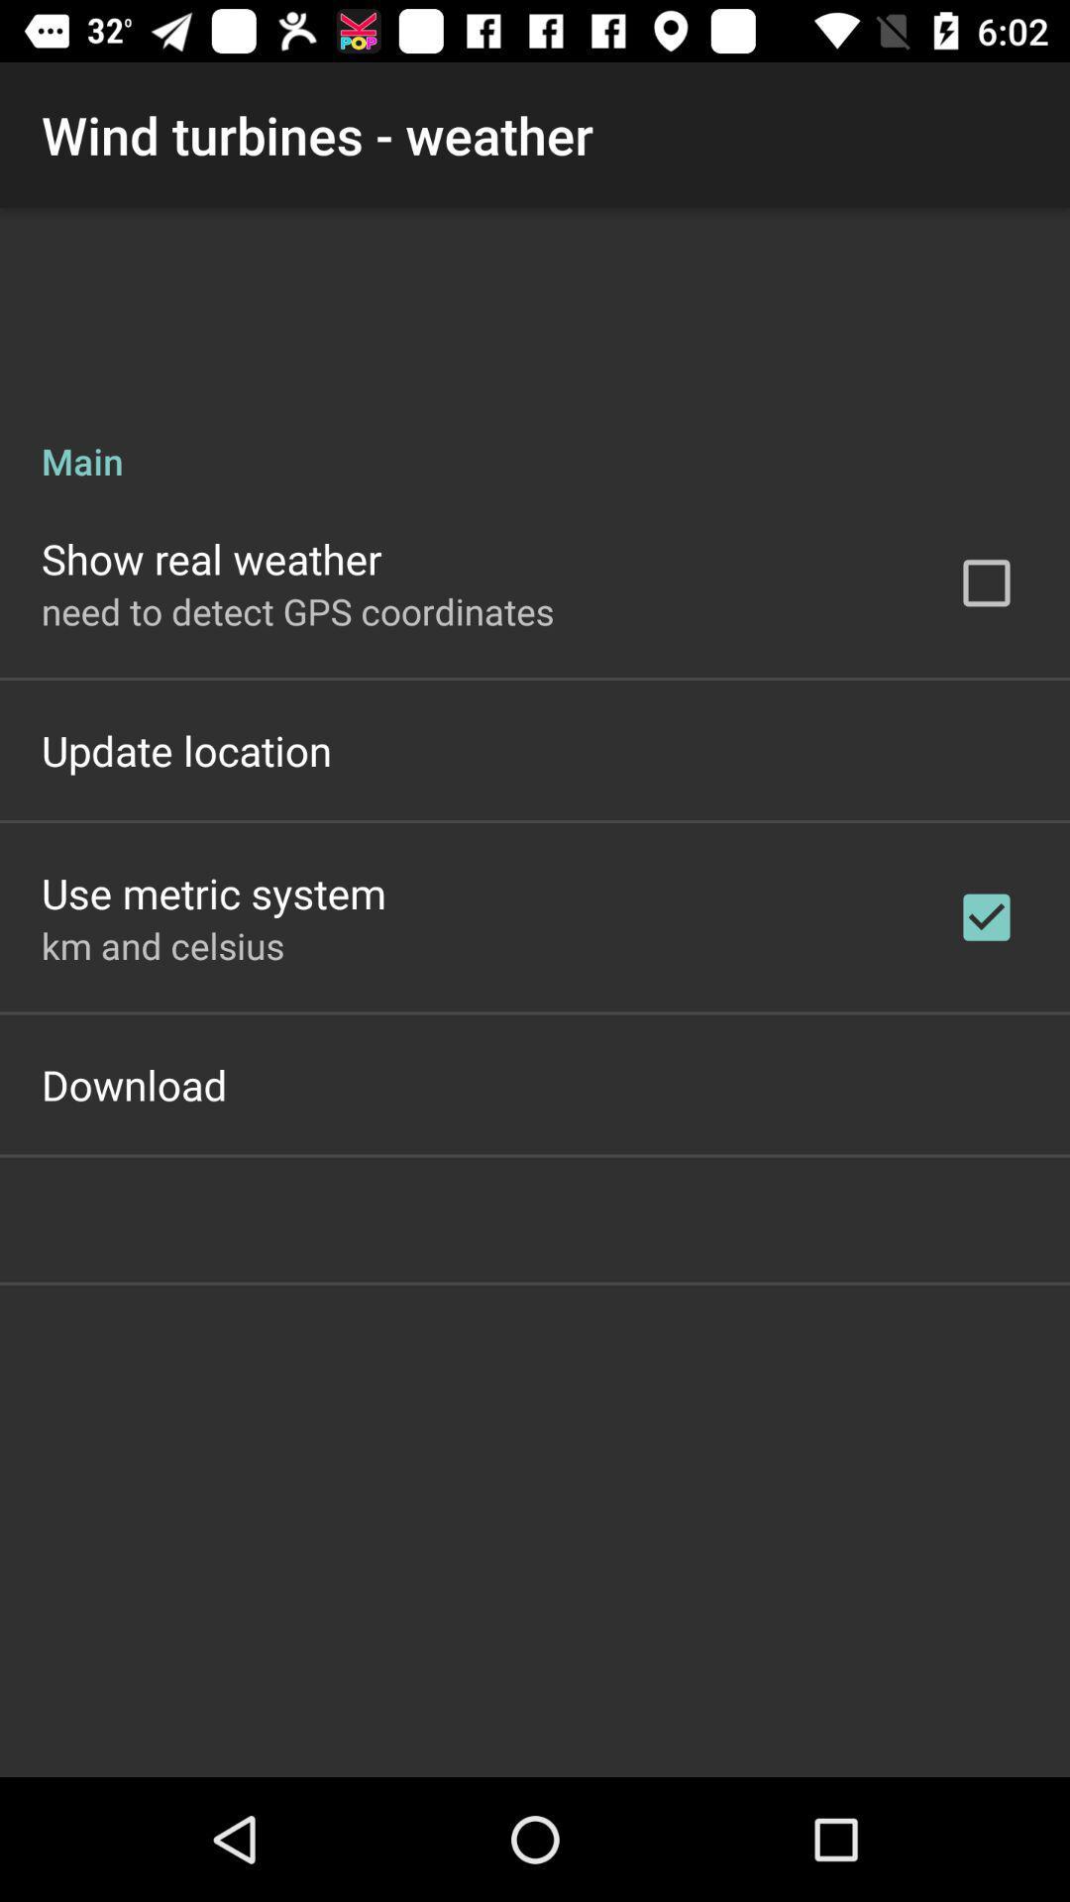  I want to click on item below show real weather, so click(297, 610).